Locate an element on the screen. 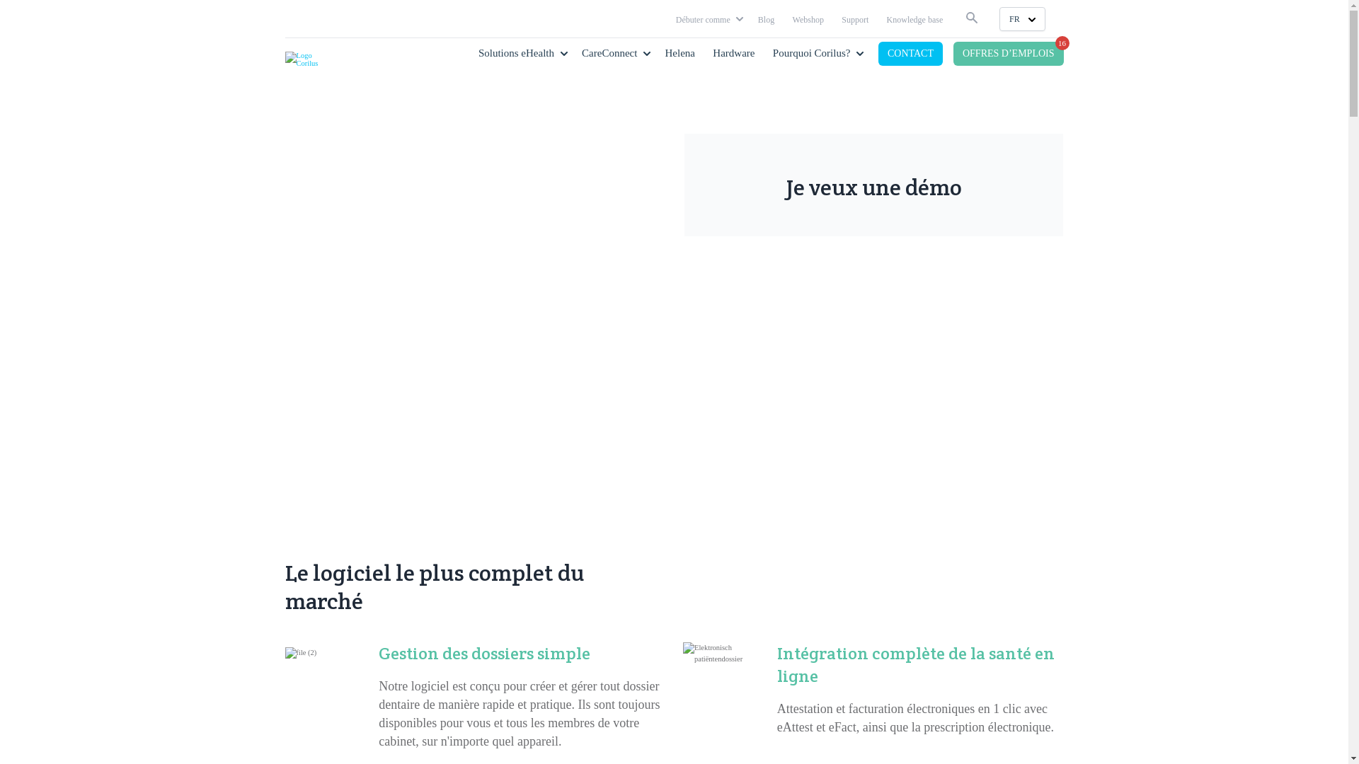 Image resolution: width=1359 pixels, height=764 pixels. 'Support' is located at coordinates (854, 19).